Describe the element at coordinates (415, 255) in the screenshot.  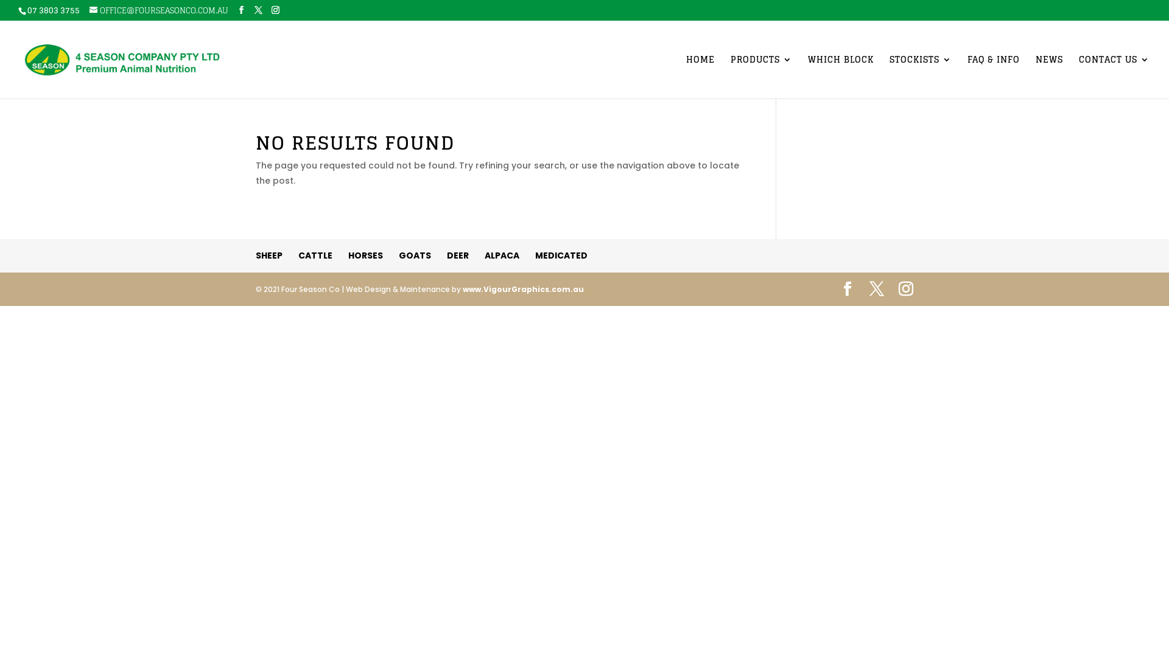
I see `'GOATS'` at that location.